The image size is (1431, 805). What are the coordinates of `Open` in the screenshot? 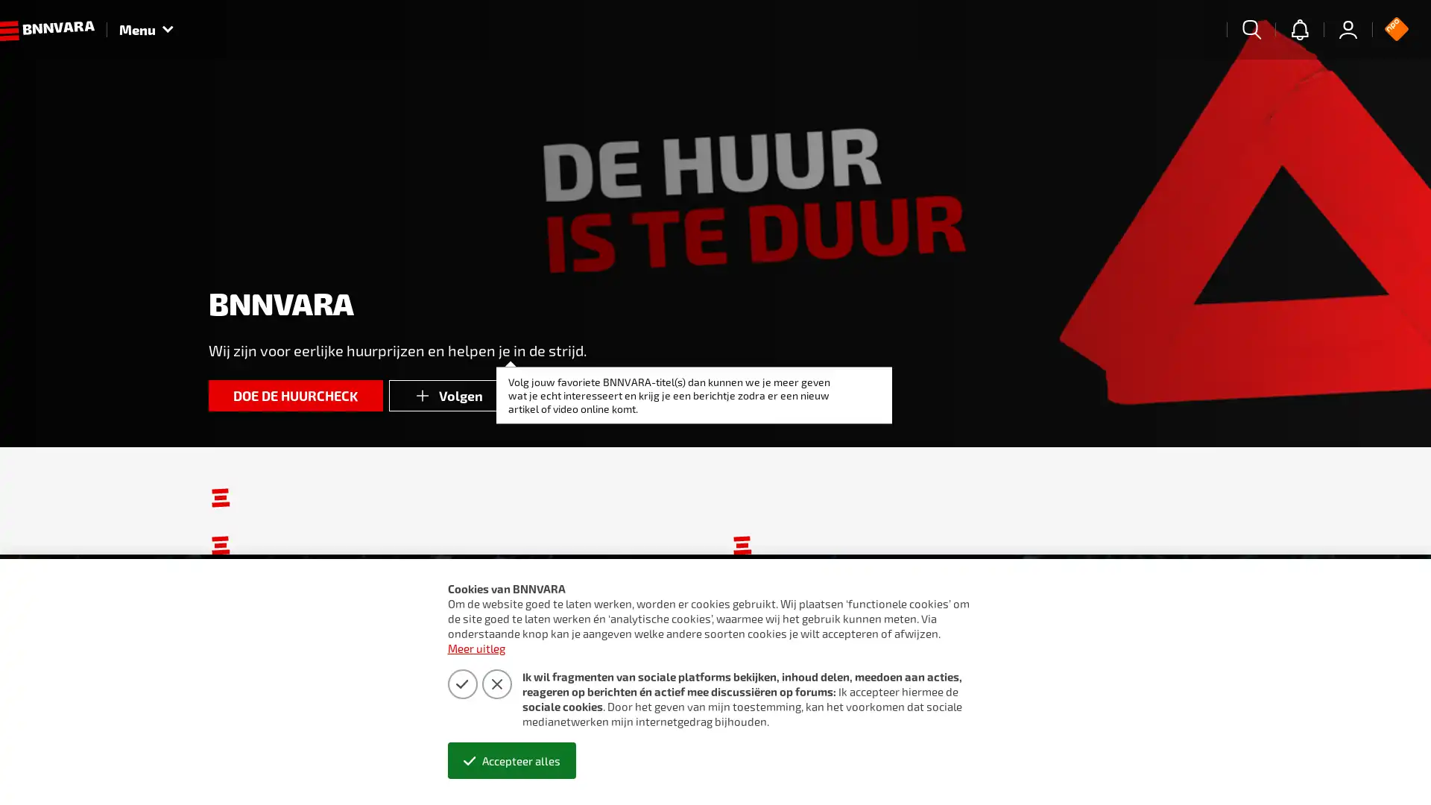 It's located at (1386, 765).